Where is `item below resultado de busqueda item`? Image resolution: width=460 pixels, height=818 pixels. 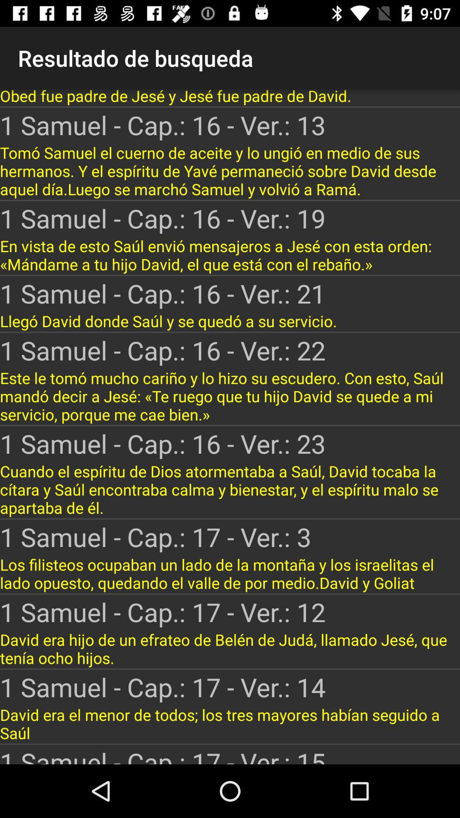
item below resultado de busqueda item is located at coordinates (230, 98).